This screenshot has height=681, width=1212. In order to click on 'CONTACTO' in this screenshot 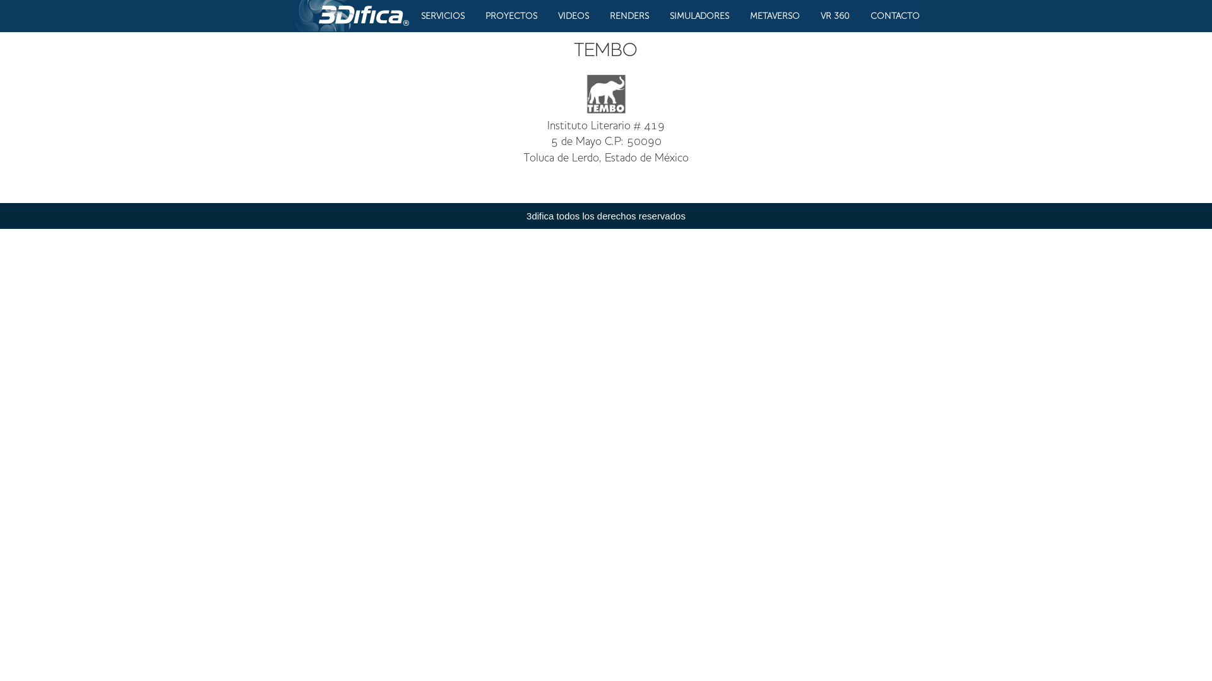, I will do `click(894, 16)`.